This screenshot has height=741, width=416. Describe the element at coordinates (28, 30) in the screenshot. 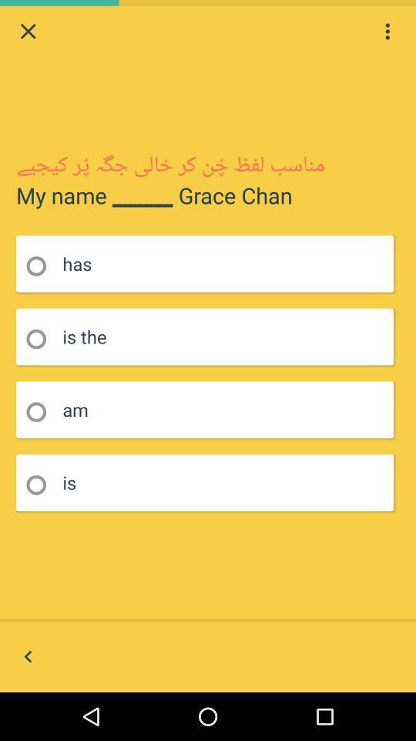

I see `exit button` at that location.